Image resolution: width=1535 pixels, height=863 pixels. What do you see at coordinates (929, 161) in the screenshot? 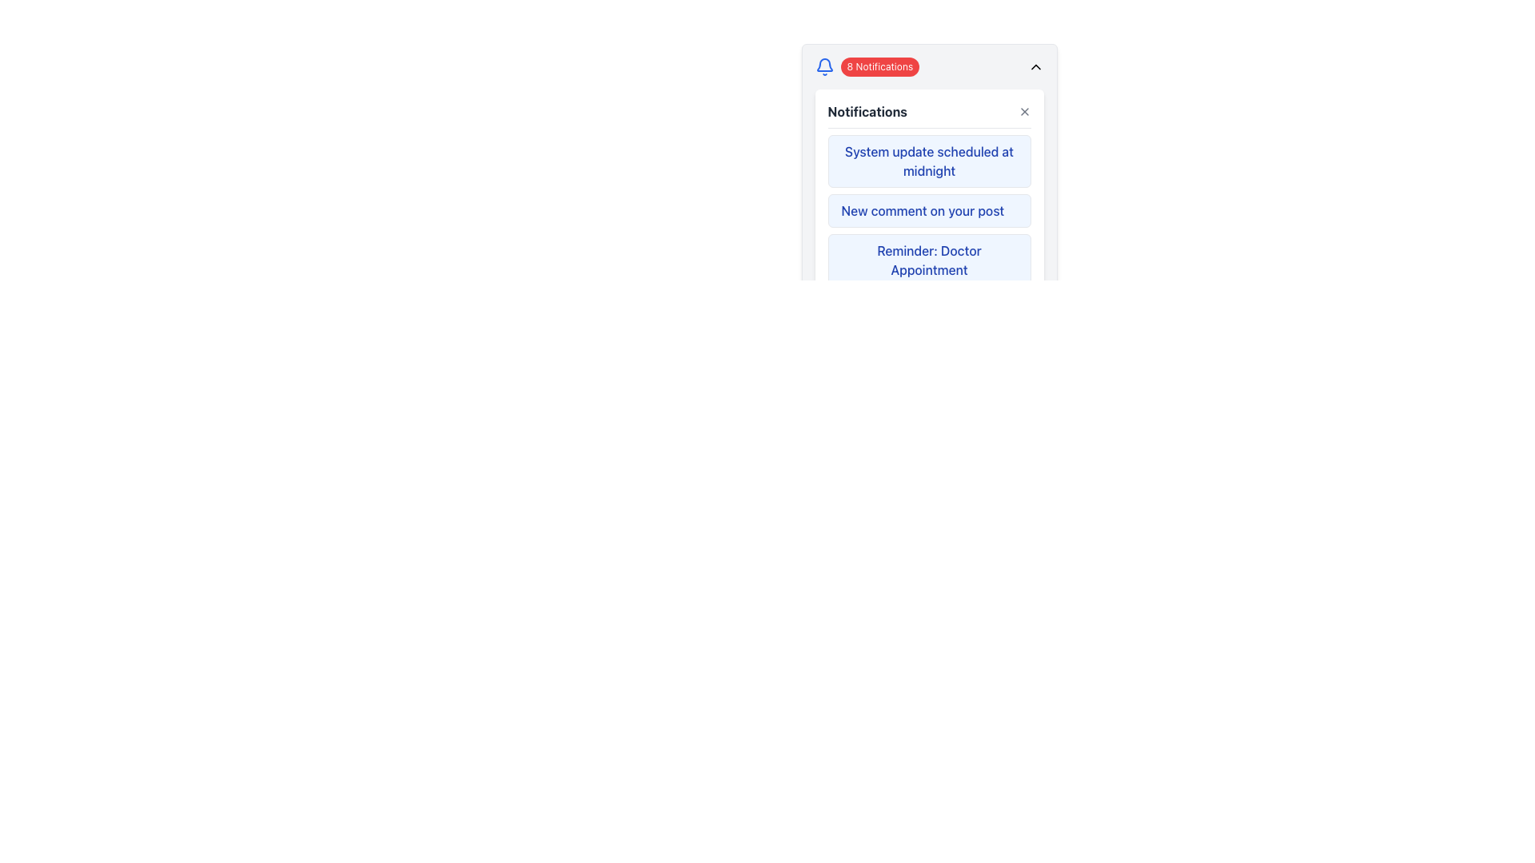
I see `the blue notification banner displaying 'System update scheduled at midnight', which is the first notification item in the stack below the 'Notifications' header` at bounding box center [929, 161].